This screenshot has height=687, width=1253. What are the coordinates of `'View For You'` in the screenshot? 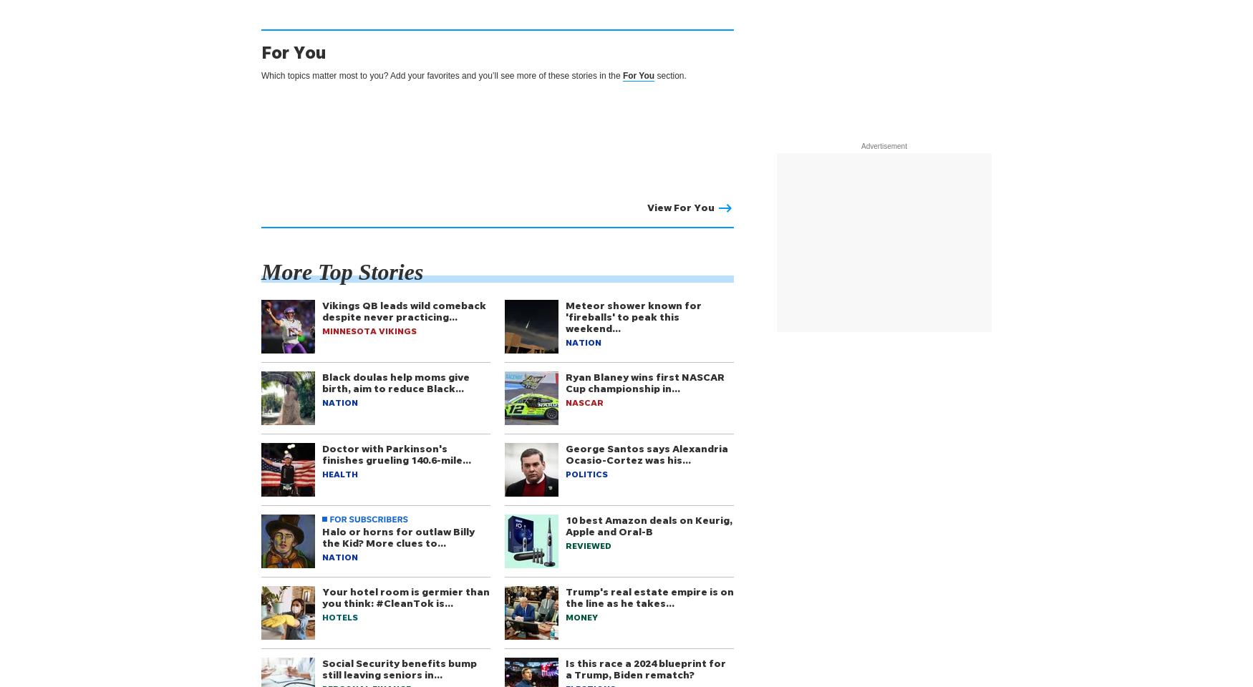 It's located at (680, 206).